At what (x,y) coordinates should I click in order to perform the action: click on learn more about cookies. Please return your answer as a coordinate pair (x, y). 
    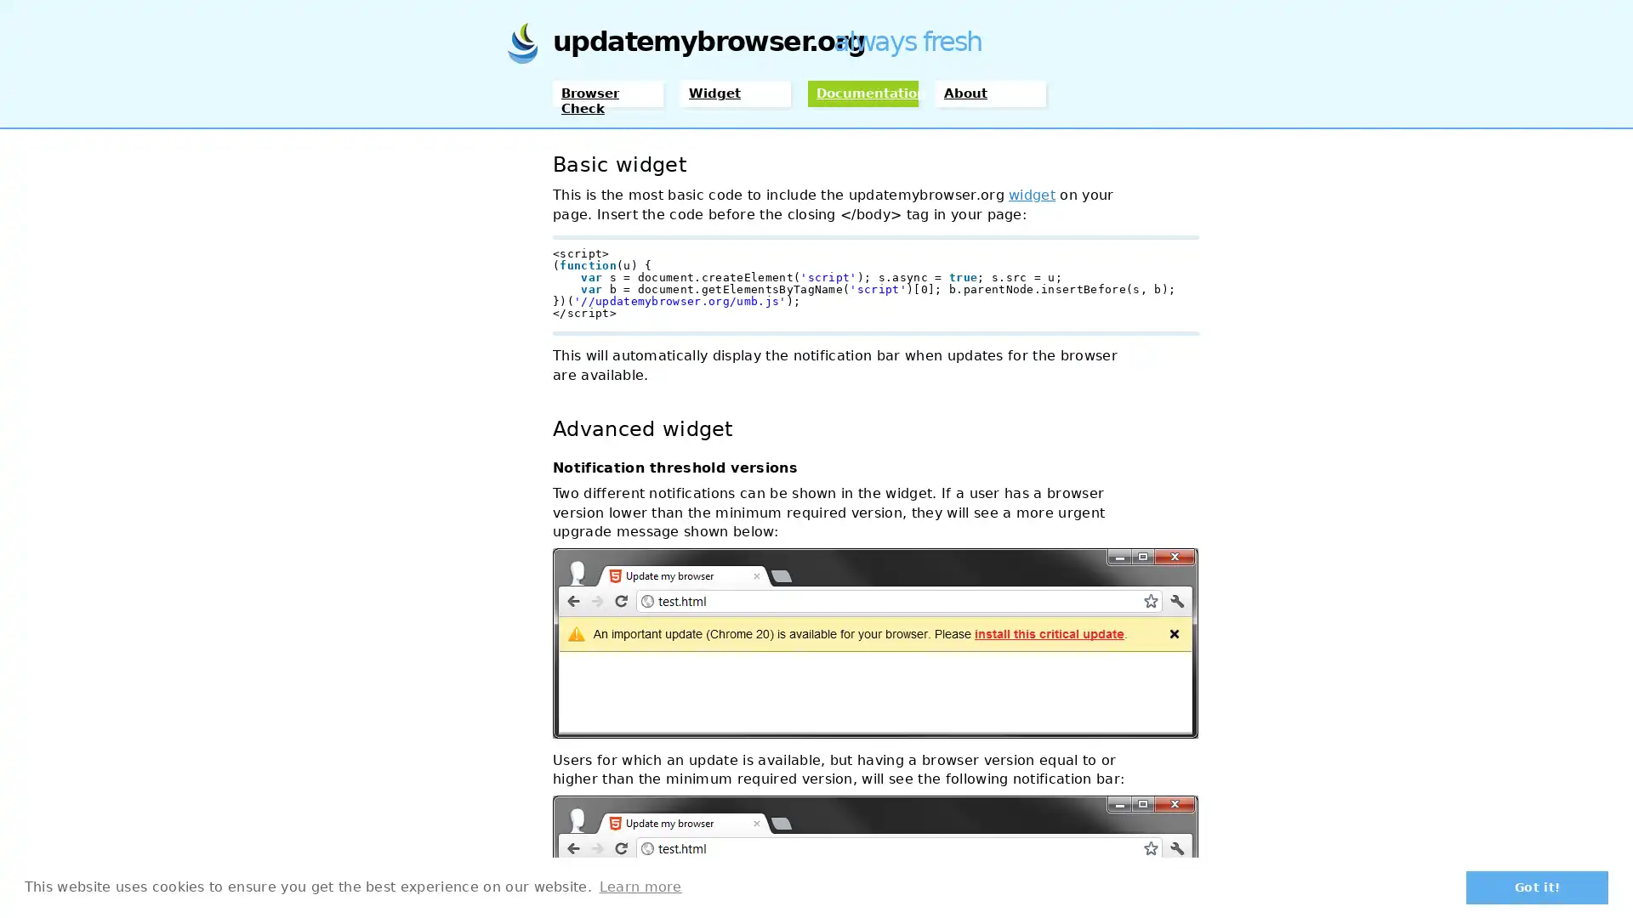
    Looking at the image, I should click on (639, 887).